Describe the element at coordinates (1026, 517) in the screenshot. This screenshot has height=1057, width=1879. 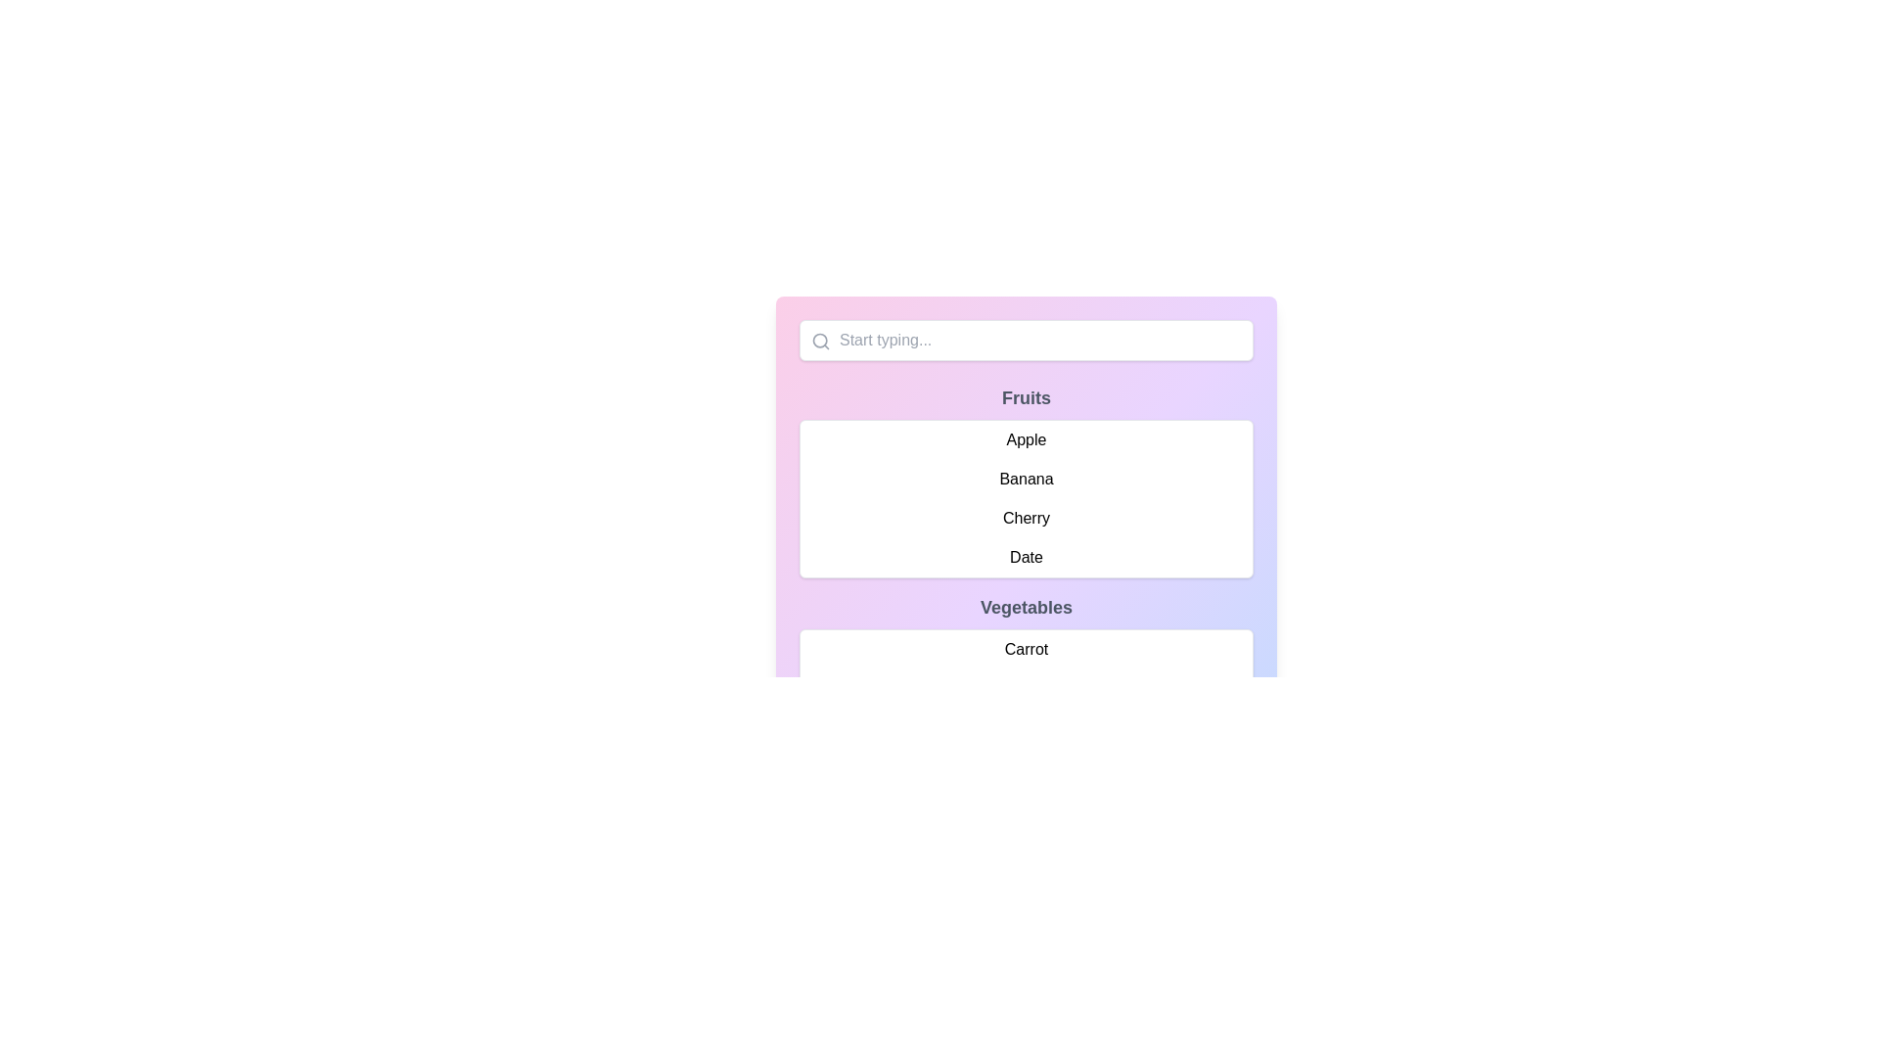
I see `to select the 'Cherry' menu item, which is the third item in a vertical list of fruits labeled 'Apple', 'Banana', 'Cherry', and 'Date'` at that location.